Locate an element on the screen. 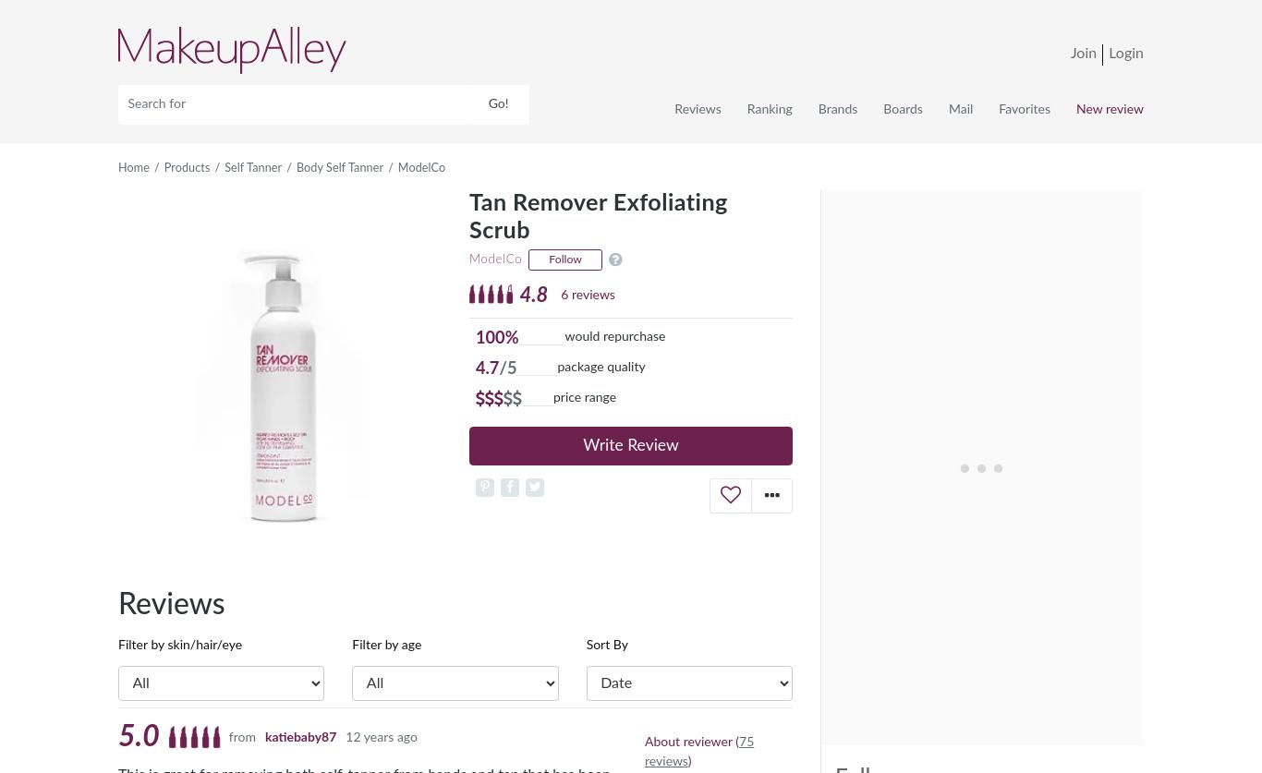  'Boards' is located at coordinates (902, 109).